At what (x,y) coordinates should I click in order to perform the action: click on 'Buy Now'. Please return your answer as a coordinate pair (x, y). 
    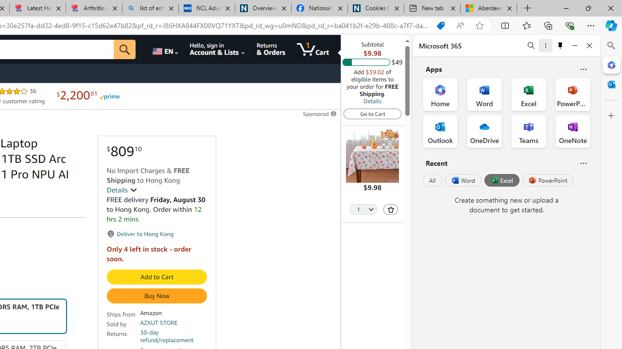
    Looking at the image, I should click on (156, 295).